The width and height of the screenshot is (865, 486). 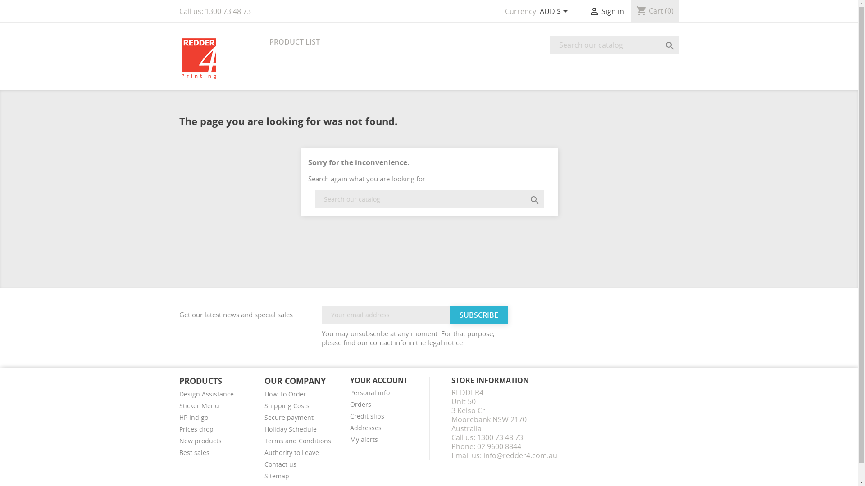 I want to click on 'Holiday Schedule', so click(x=290, y=428).